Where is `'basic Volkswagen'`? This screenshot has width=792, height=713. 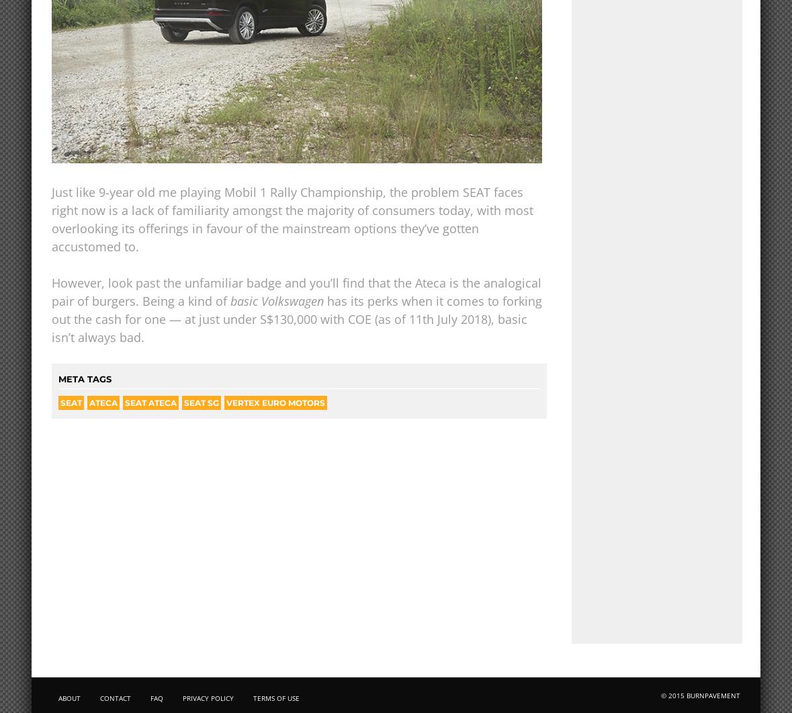
'basic Volkswagen' is located at coordinates (276, 300).